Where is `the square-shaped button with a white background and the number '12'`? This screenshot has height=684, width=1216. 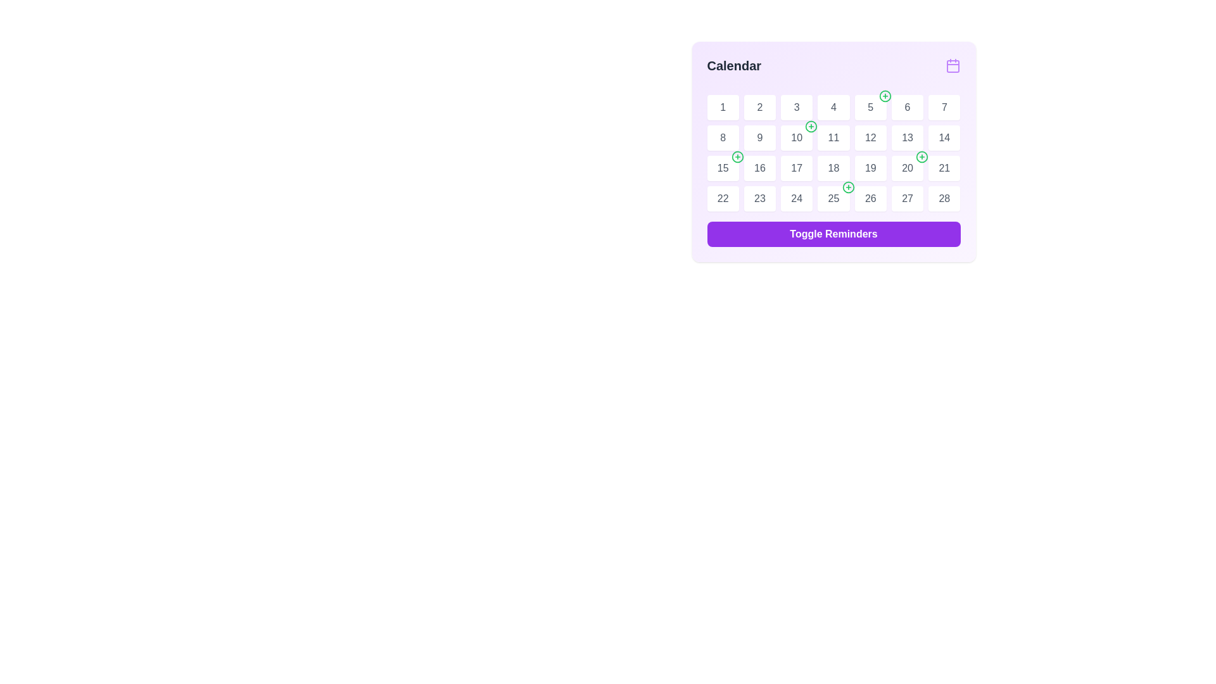
the square-shaped button with a white background and the number '12' is located at coordinates (870, 138).